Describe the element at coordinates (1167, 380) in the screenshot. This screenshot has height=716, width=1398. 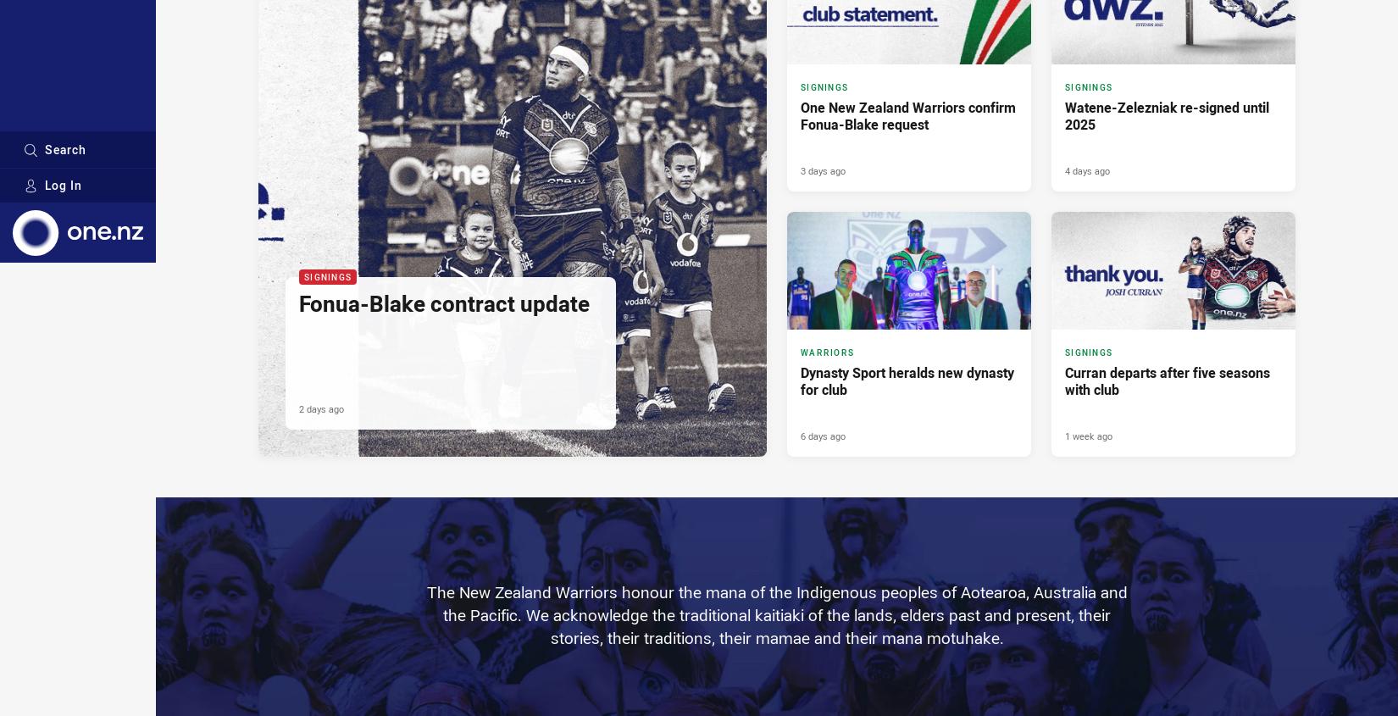
I see `'Curran departs after five seasons with club'` at that location.